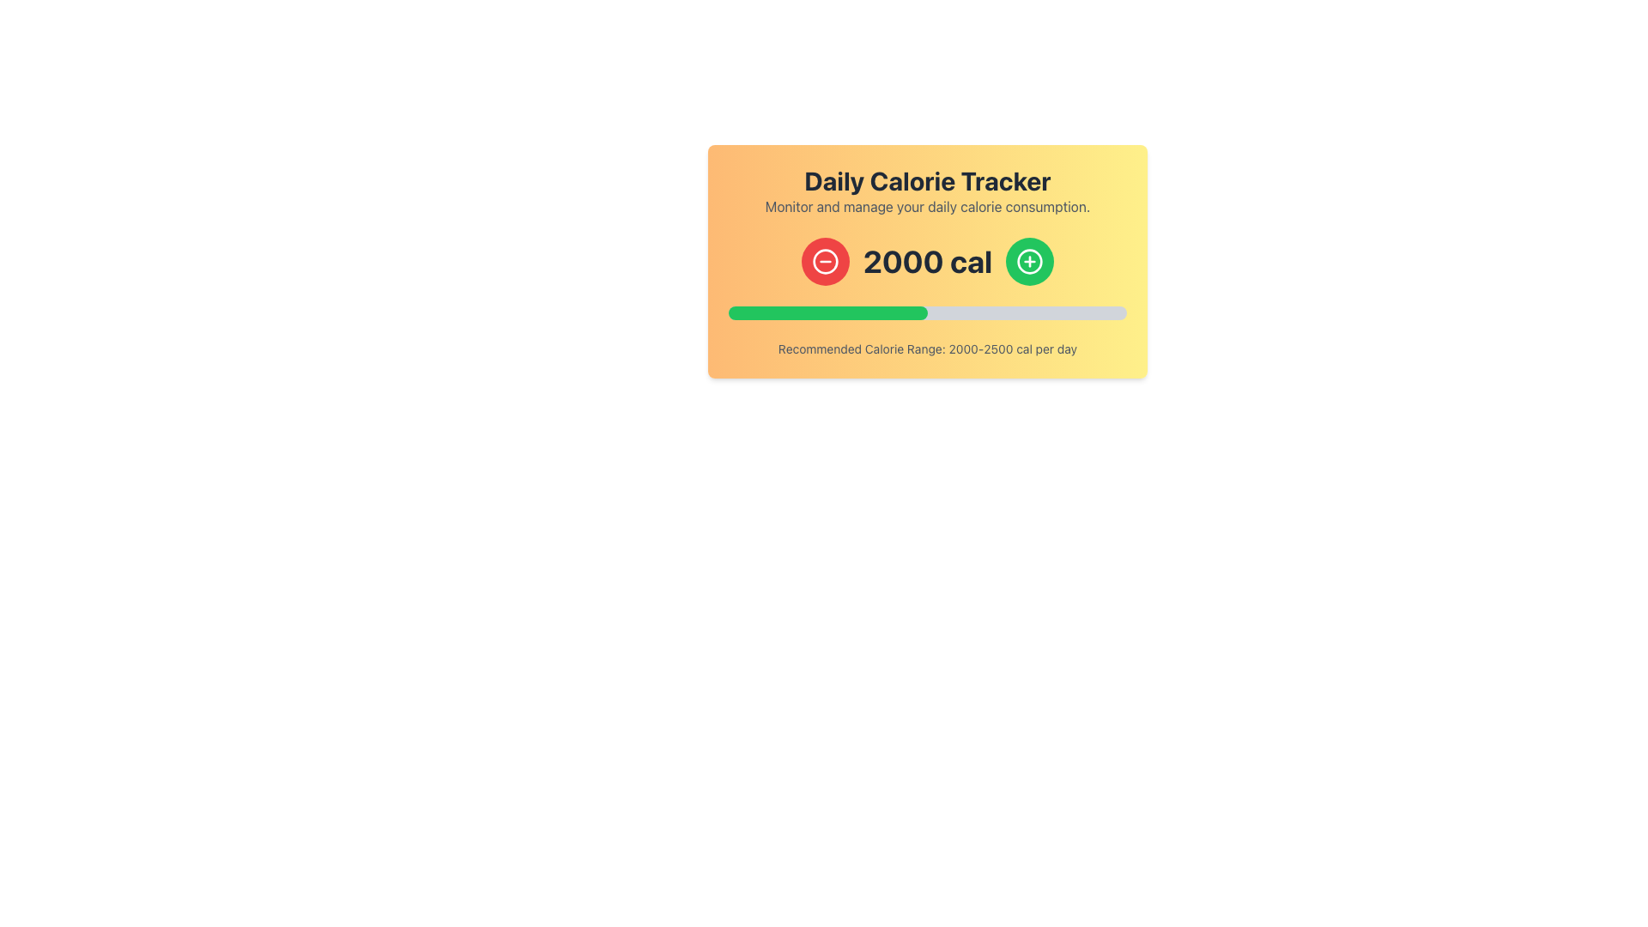 The width and height of the screenshot is (1648, 927). I want to click on the text display that provides key information regarding calorie tracking, located centrally beneath the heading 'Daily Calorie Tracker', so click(926, 297).